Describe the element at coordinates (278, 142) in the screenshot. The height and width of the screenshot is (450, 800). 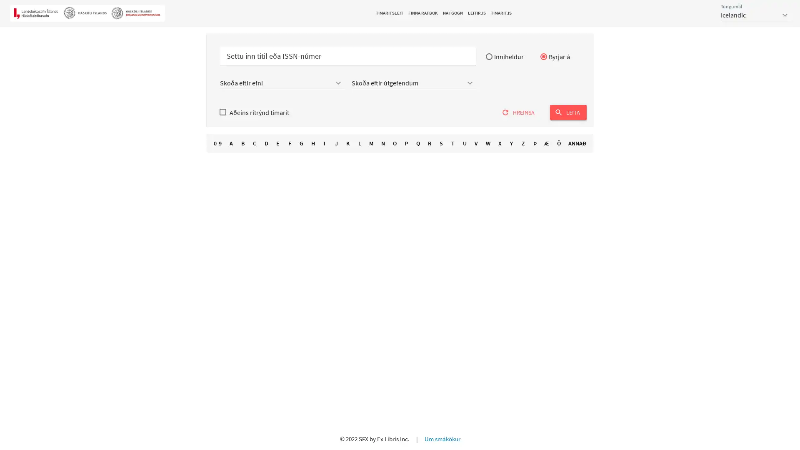
I see `E` at that location.